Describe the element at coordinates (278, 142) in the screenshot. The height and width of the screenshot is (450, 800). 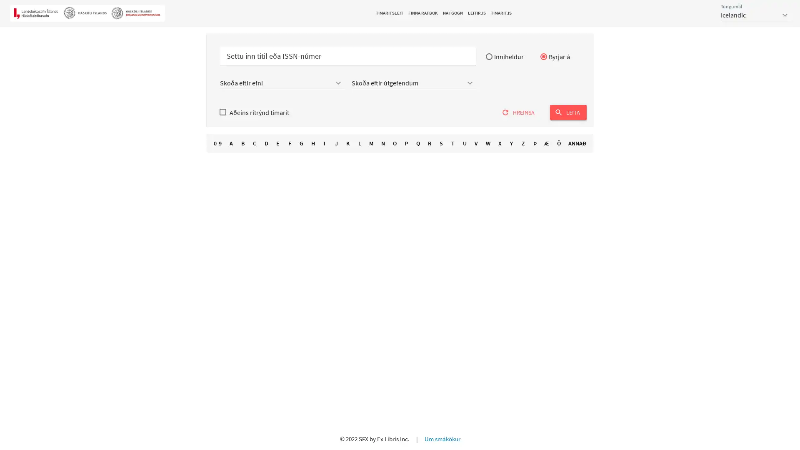
I see `E` at that location.